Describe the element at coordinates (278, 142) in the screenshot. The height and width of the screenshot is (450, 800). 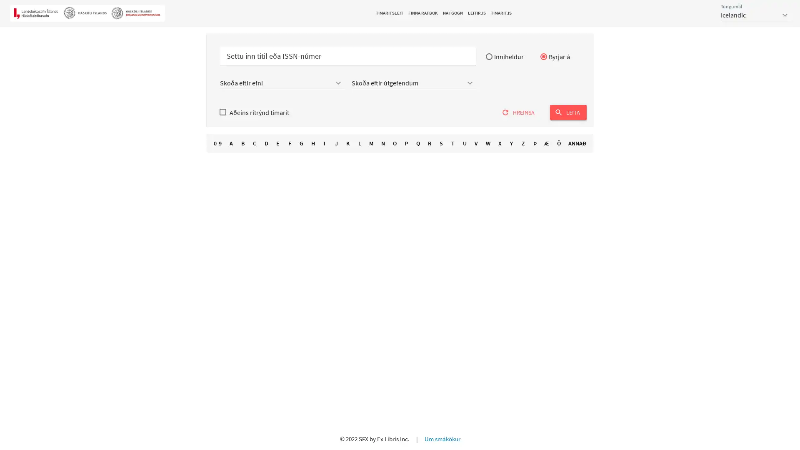
I see `E` at that location.